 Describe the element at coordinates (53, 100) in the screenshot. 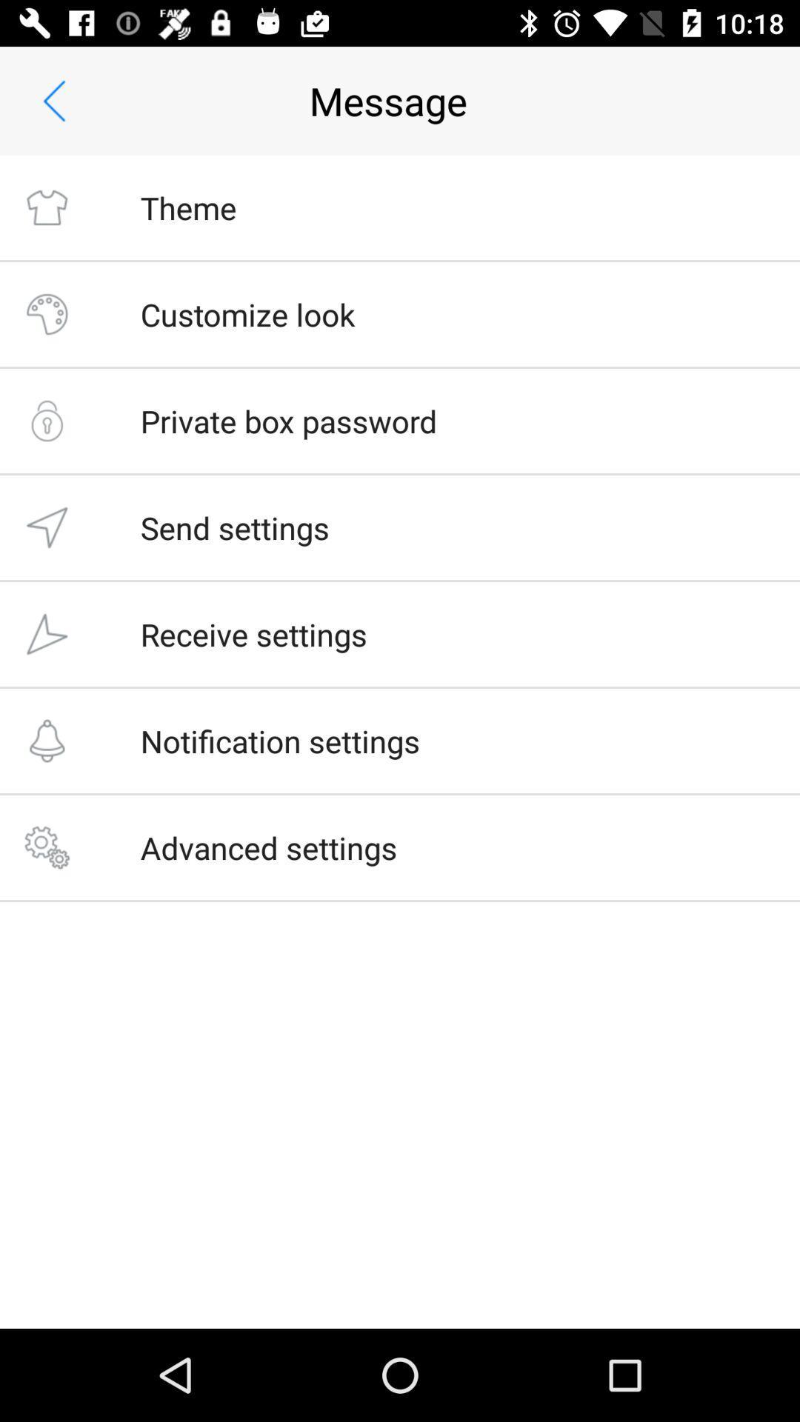

I see `the item next to the message item` at that location.